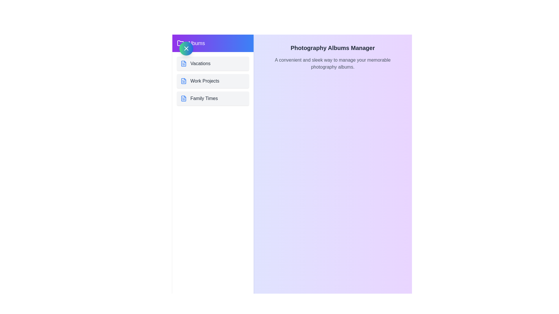 The height and width of the screenshot is (314, 559). I want to click on the album Family Times from the list, so click(212, 98).